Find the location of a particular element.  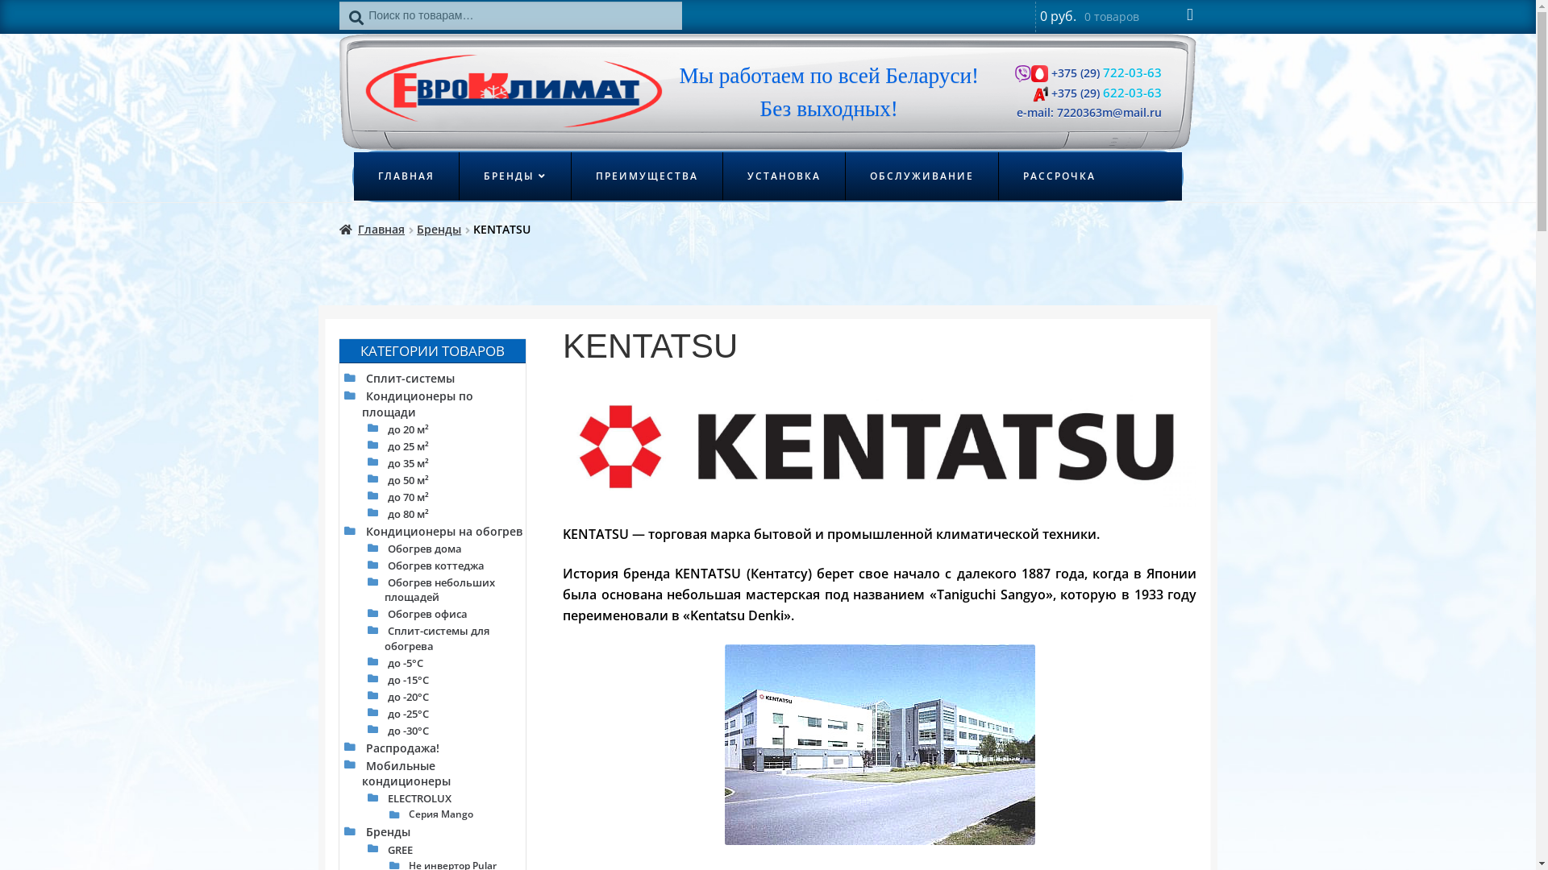

'+375 (29) 722-03-63' is located at coordinates (1104, 72).